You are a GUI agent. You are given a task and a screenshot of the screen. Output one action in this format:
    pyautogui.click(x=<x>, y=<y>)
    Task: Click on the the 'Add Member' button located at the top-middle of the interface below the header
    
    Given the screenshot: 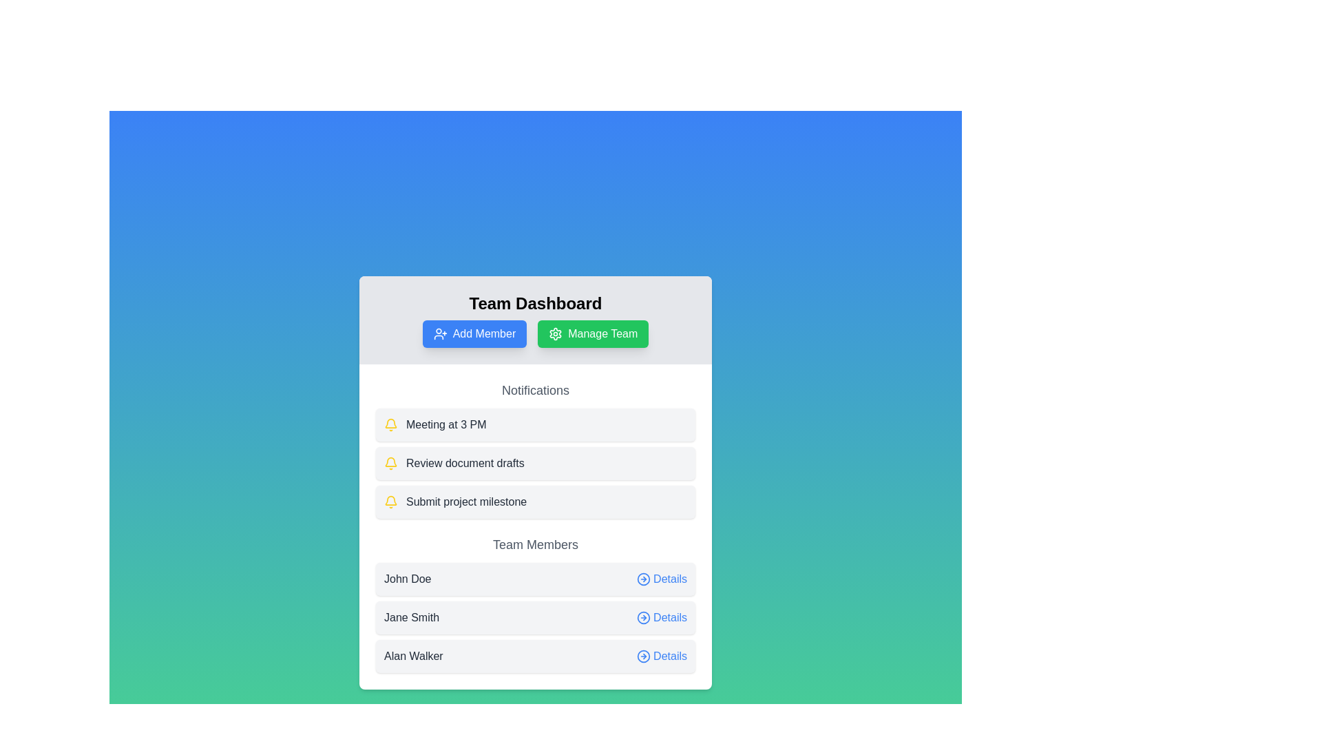 What is the action you would take?
    pyautogui.click(x=474, y=334)
    